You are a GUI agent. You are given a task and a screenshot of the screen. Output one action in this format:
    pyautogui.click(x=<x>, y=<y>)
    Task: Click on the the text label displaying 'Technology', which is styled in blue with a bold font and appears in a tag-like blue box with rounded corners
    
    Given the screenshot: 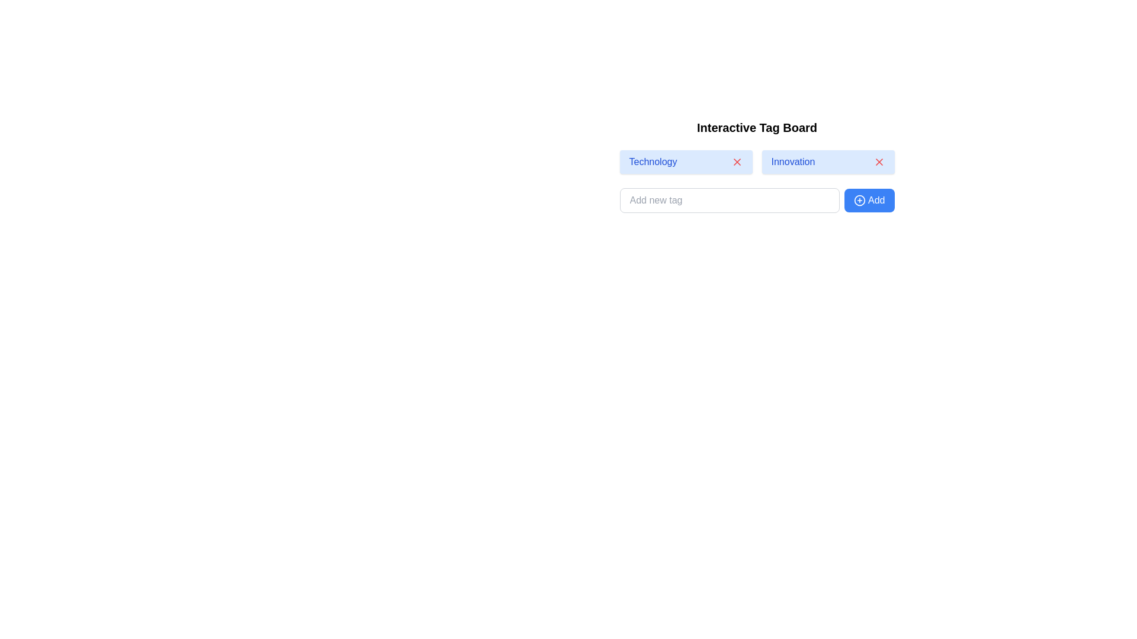 What is the action you would take?
    pyautogui.click(x=653, y=162)
    